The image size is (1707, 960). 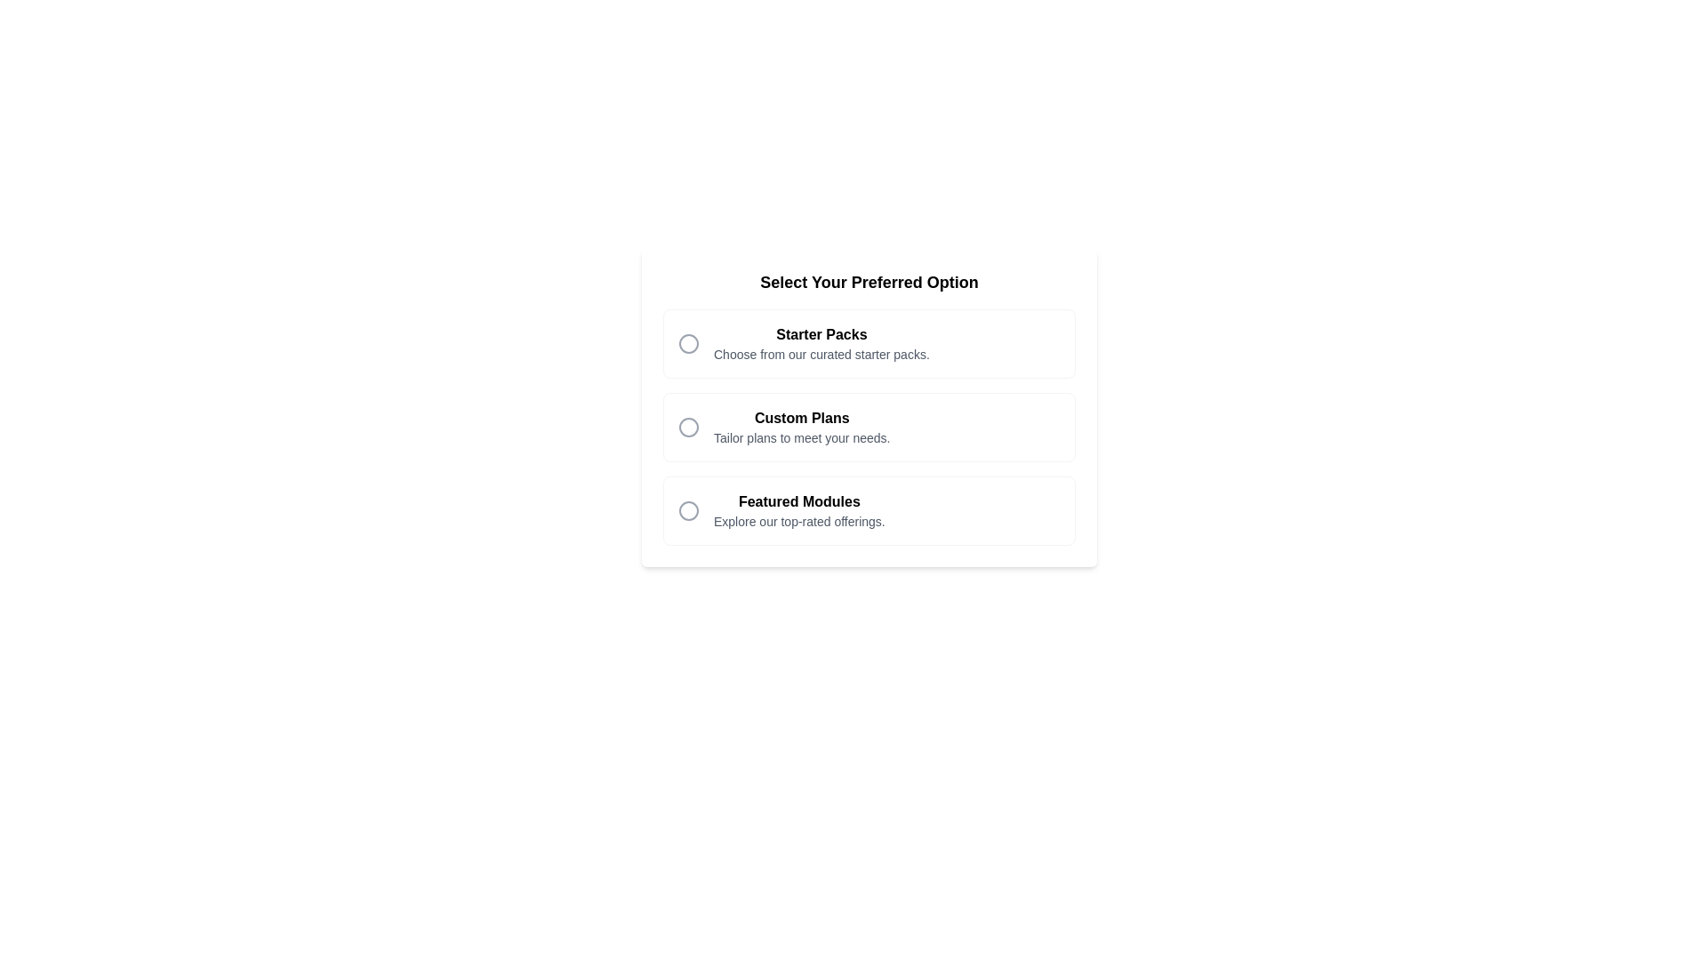 I want to click on the radio button for 'Custom Plans', which is the second selectable option under 'Select Your Preferred Option', so click(x=870, y=408).